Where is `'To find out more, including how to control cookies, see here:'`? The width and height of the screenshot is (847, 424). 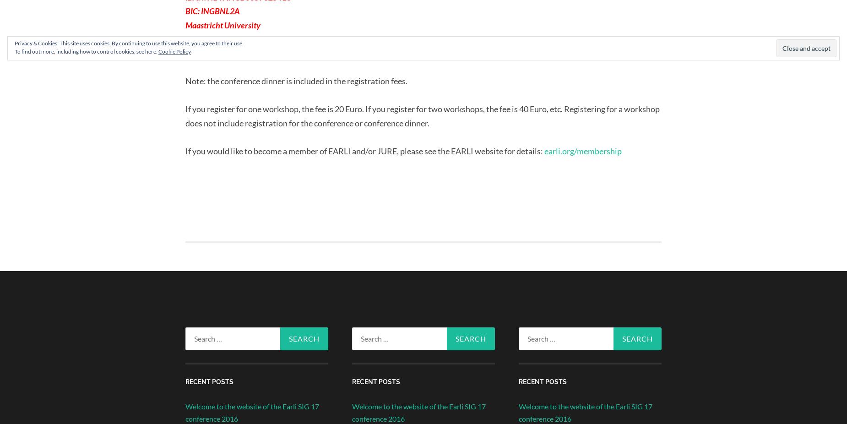
'To find out more, including how to control cookies, see here:' is located at coordinates (86, 51).